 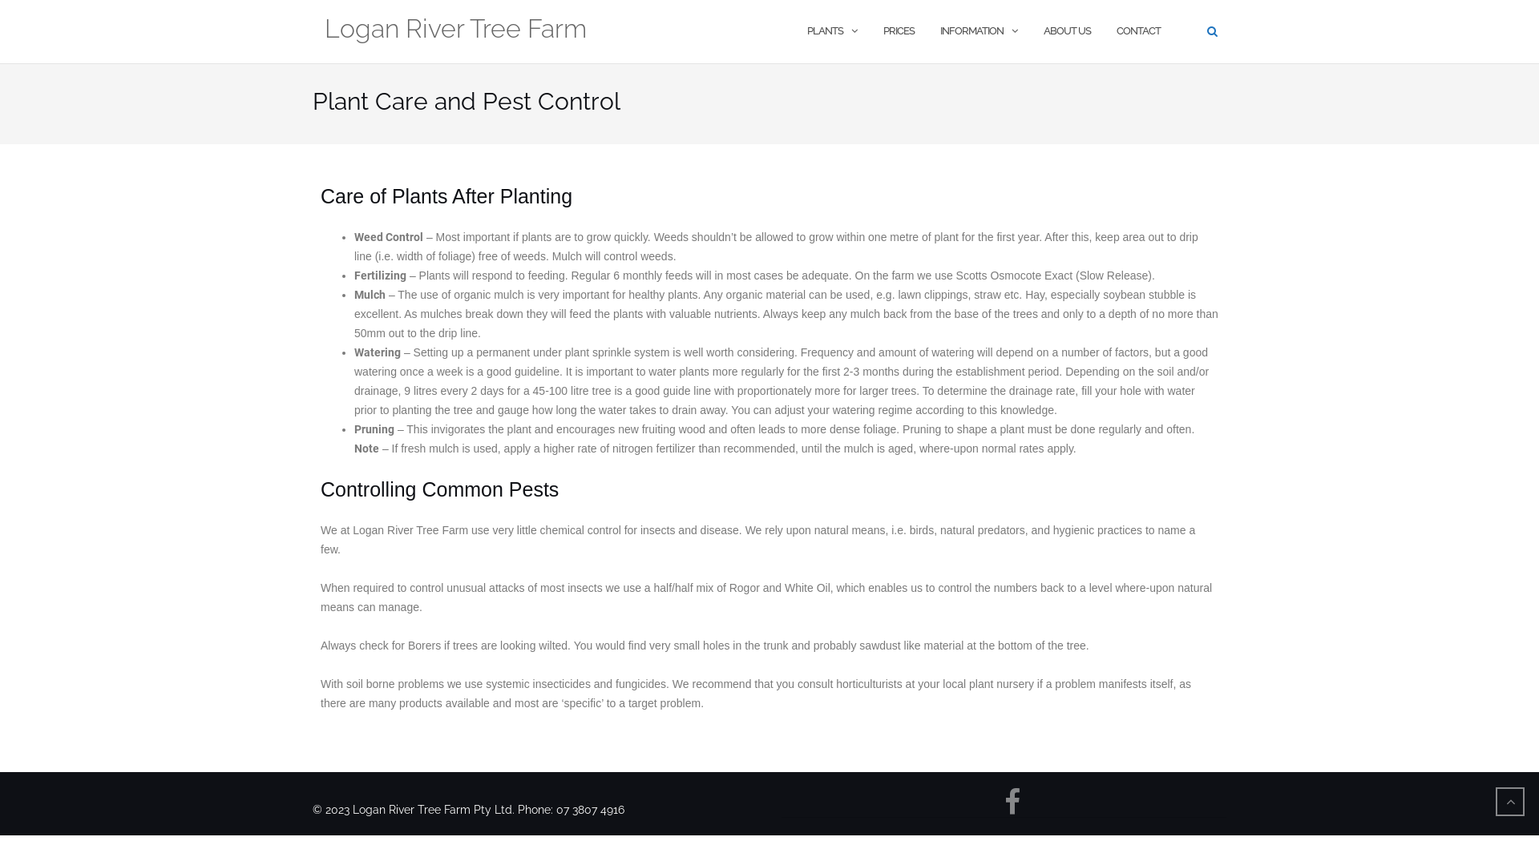 What do you see at coordinates (454, 31) in the screenshot?
I see `'Logan River Tree Farm'` at bounding box center [454, 31].